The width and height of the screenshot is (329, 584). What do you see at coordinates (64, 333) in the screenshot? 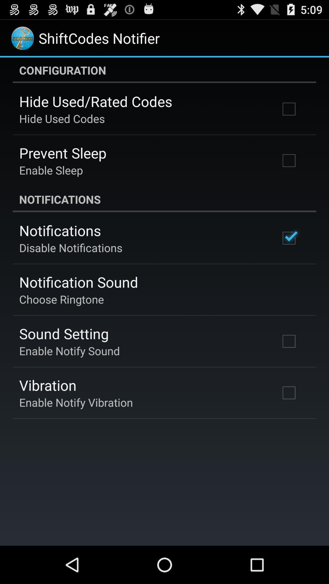
I see `the icon below choose ringtone icon` at bounding box center [64, 333].